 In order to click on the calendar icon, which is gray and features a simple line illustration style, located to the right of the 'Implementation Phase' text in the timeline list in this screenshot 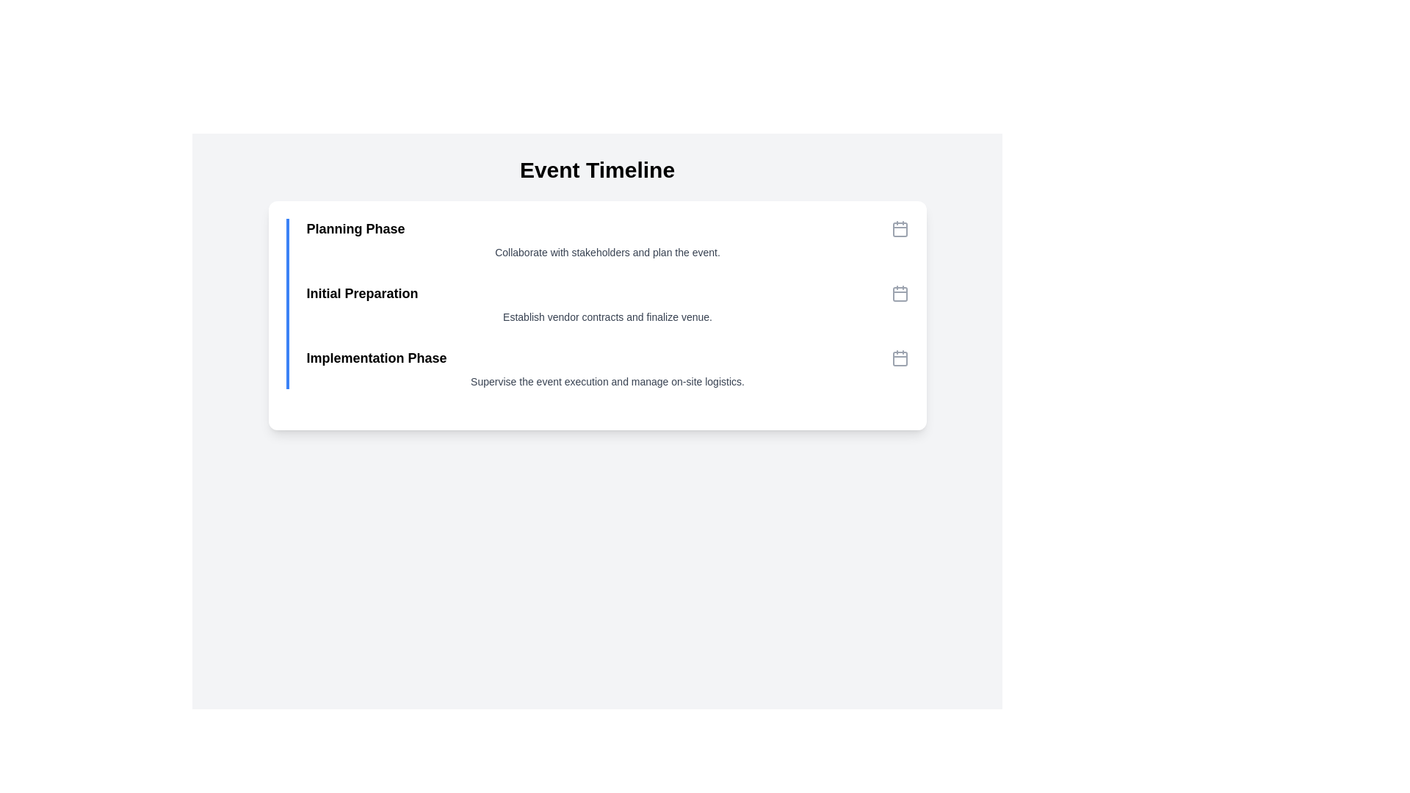, I will do `click(899, 358)`.